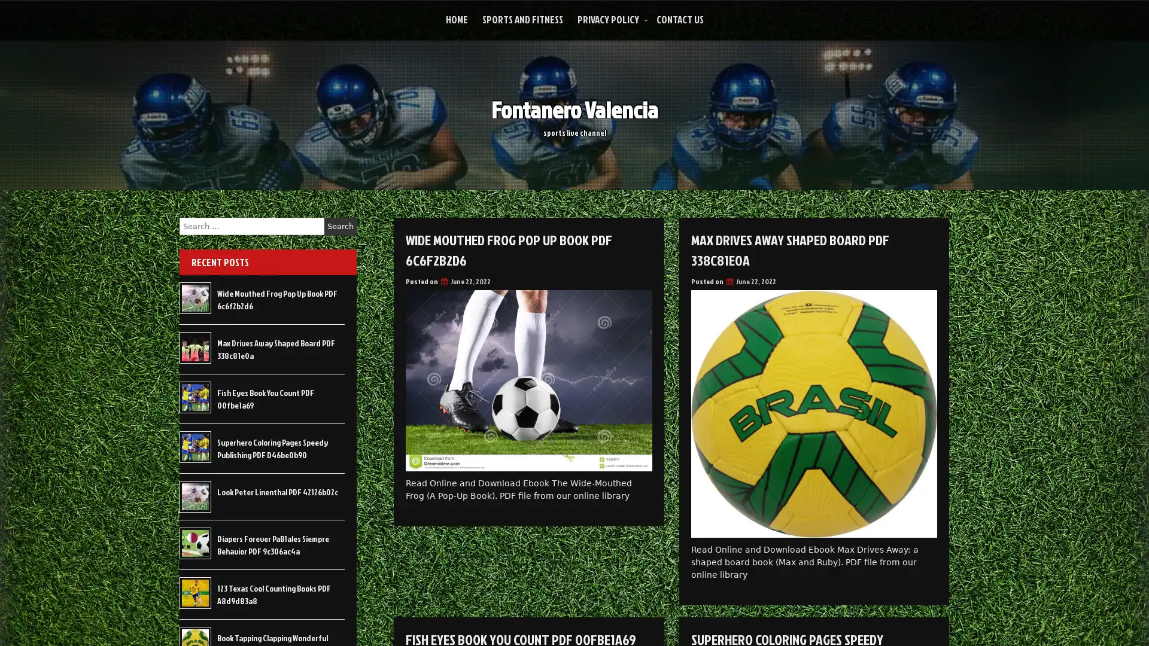 This screenshot has height=646, width=1149. What do you see at coordinates (340, 226) in the screenshot?
I see `Search` at bounding box center [340, 226].